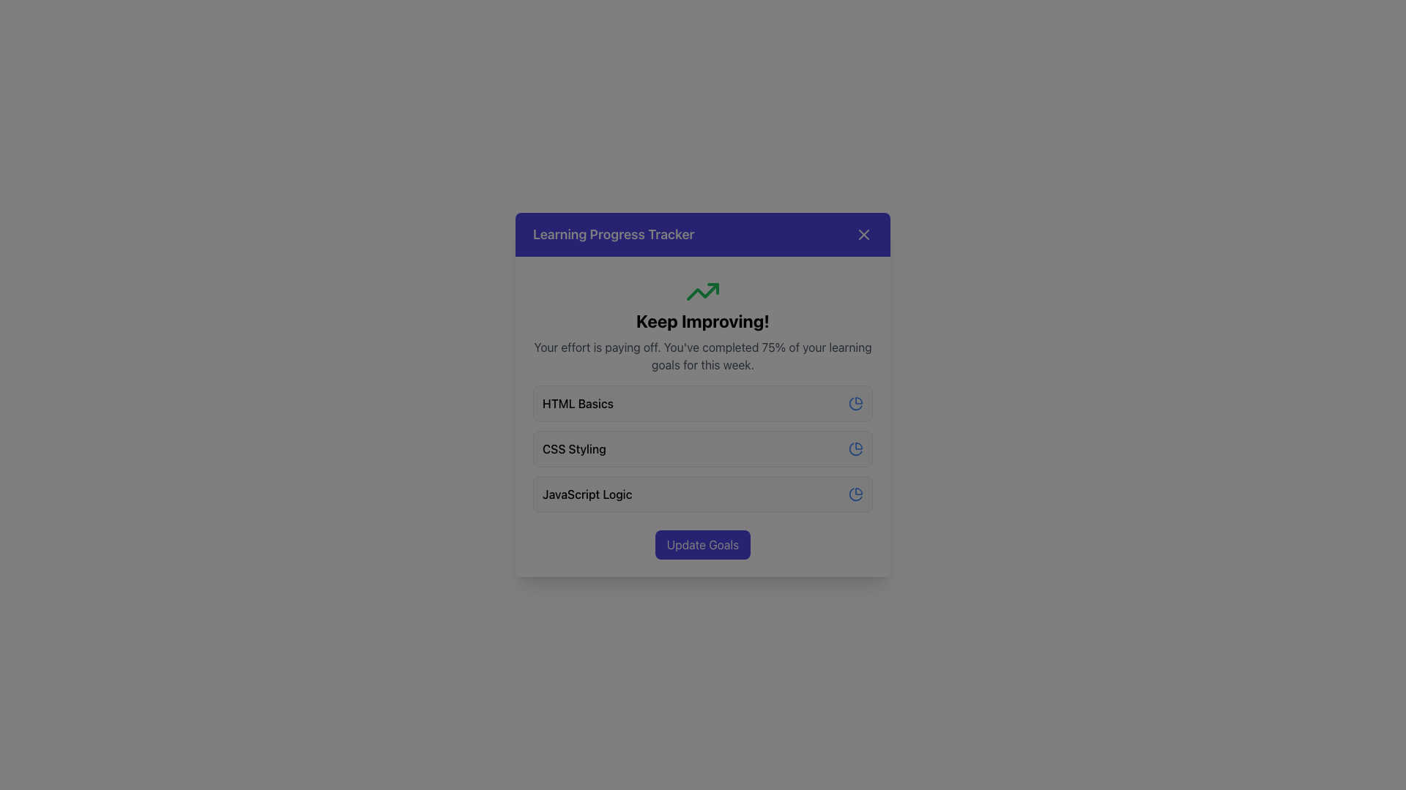  What do you see at coordinates (703, 355) in the screenshot?
I see `the motivational text label that displays progress towards weekly learning goals, located directly below the title 'Keep Improving!'` at bounding box center [703, 355].